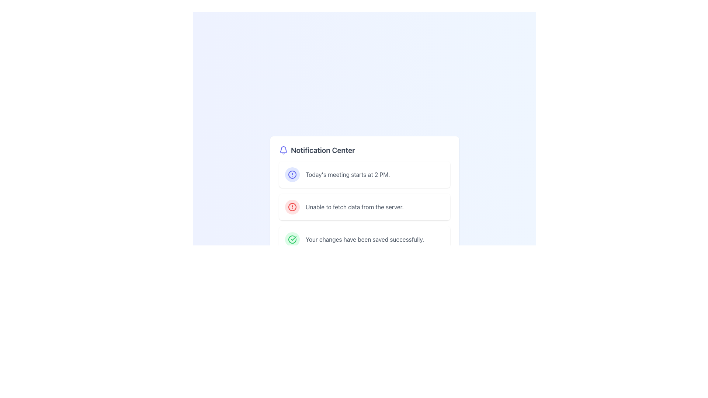 This screenshot has width=708, height=398. Describe the element at coordinates (365, 240) in the screenshot. I see `success message from the Text label located in the Notification Center, which confirms that the recent changes were saved successfully` at that location.